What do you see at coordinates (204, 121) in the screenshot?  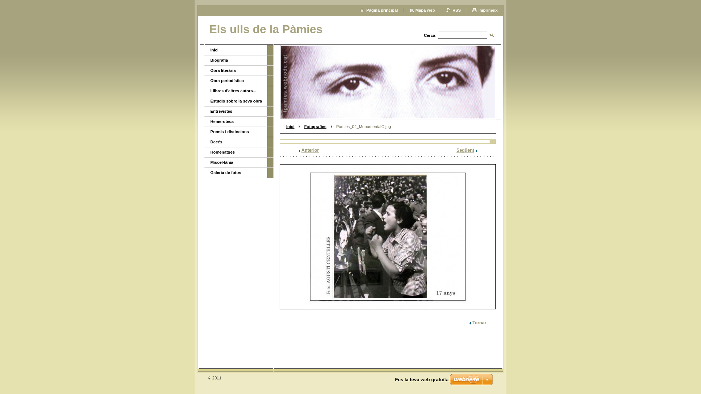 I see `'Hemeroteca'` at bounding box center [204, 121].